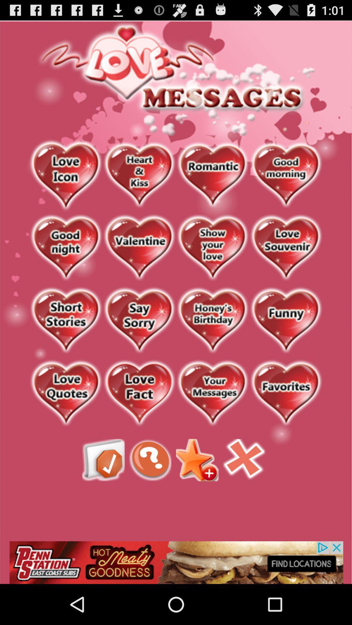  Describe the element at coordinates (286, 248) in the screenshot. I see `link button` at that location.